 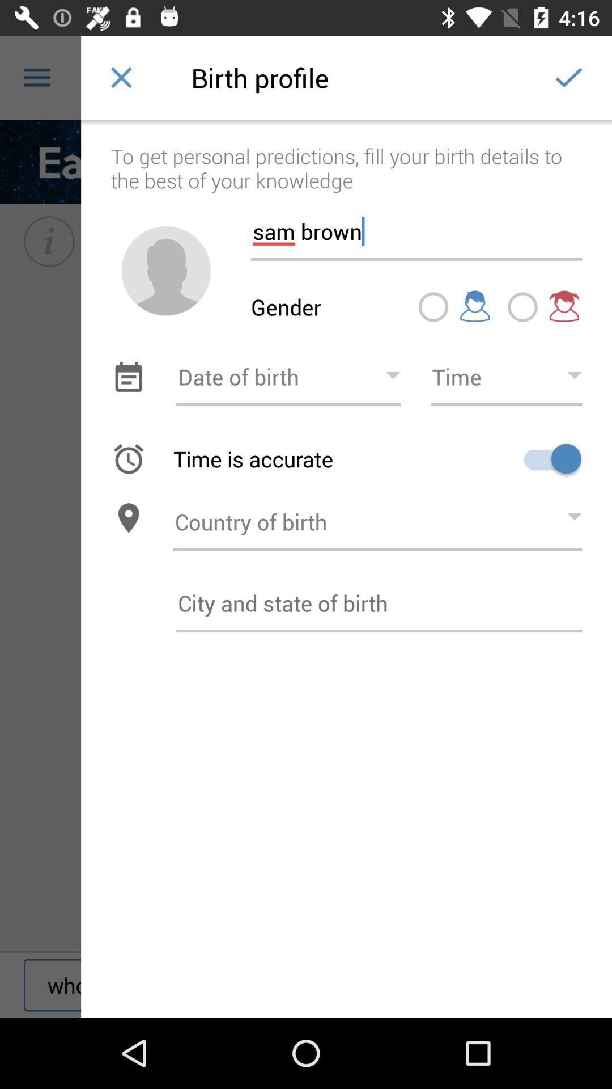 I want to click on choose date of birth, so click(x=288, y=377).